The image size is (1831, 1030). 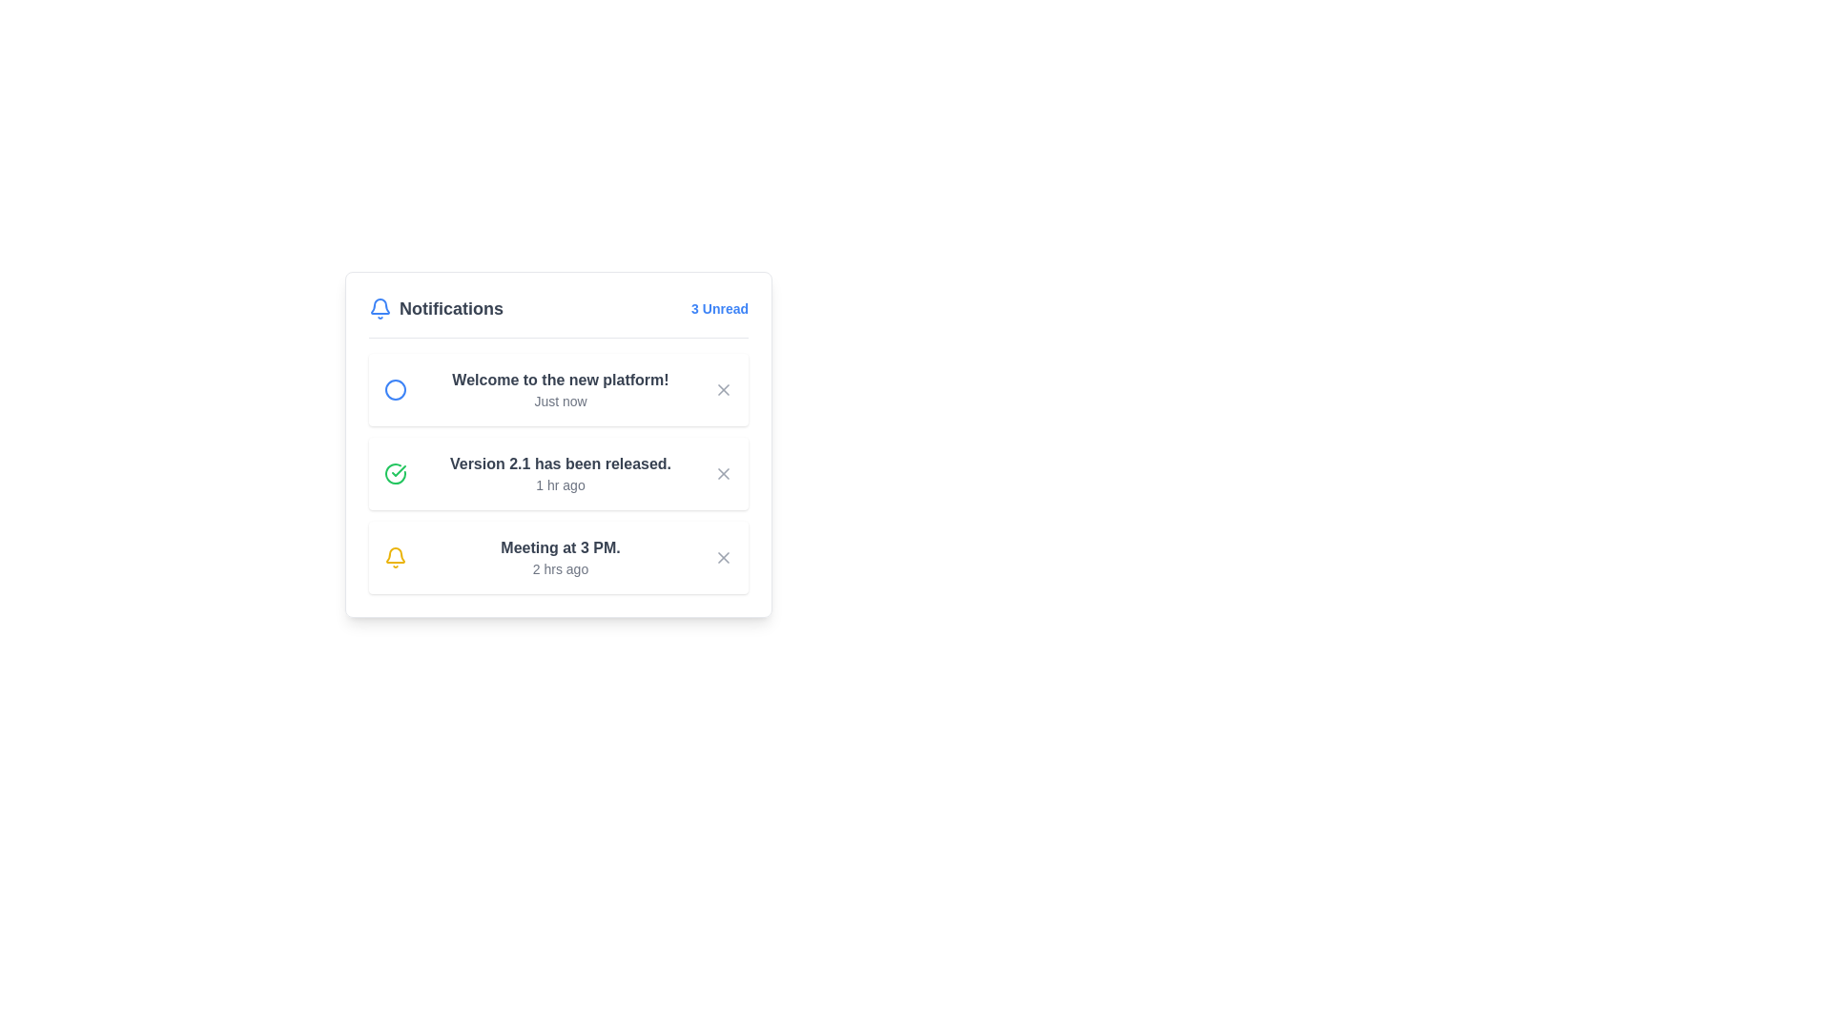 What do you see at coordinates (718, 308) in the screenshot?
I see `the Text Label displaying '3 Unread' notifications, located at the top-right corner of the 'Notifications' section` at bounding box center [718, 308].